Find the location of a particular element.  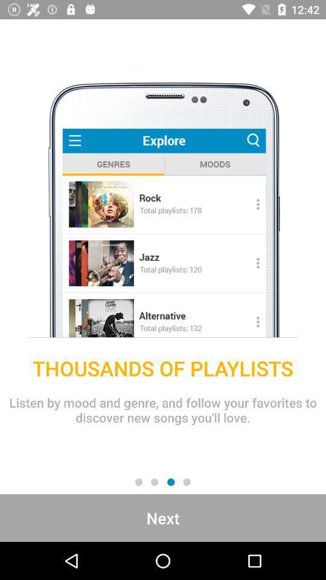

next is located at coordinates (163, 517).